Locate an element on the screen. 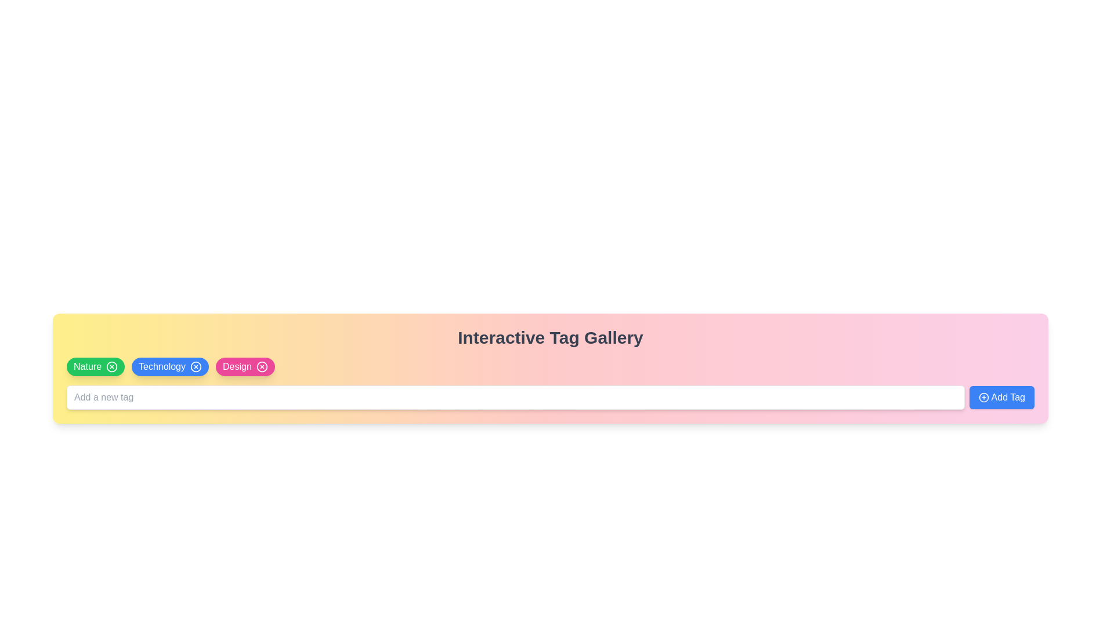  the 'X' icon on the 'Nature' tag is located at coordinates (95, 366).